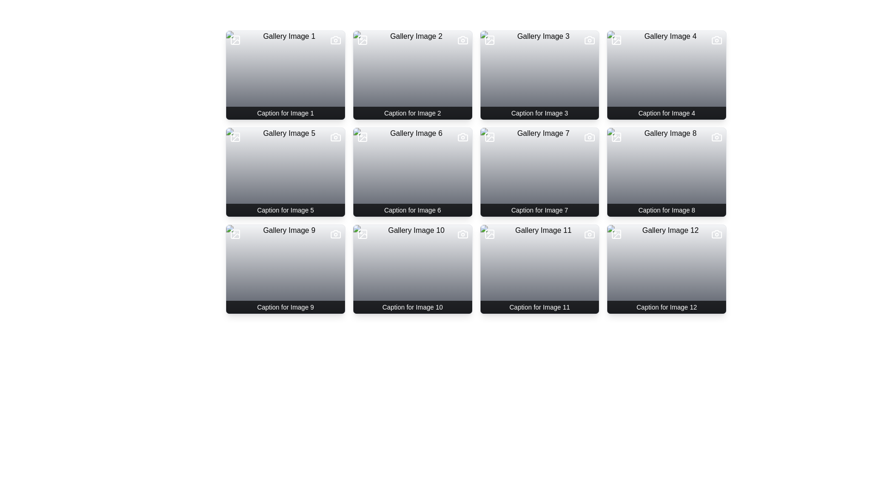 The width and height of the screenshot is (888, 499). Describe the element at coordinates (589, 137) in the screenshot. I see `the camera controls icon located in the top-right corner of the 'Gallery Image 7' tile as a static decoration` at that location.